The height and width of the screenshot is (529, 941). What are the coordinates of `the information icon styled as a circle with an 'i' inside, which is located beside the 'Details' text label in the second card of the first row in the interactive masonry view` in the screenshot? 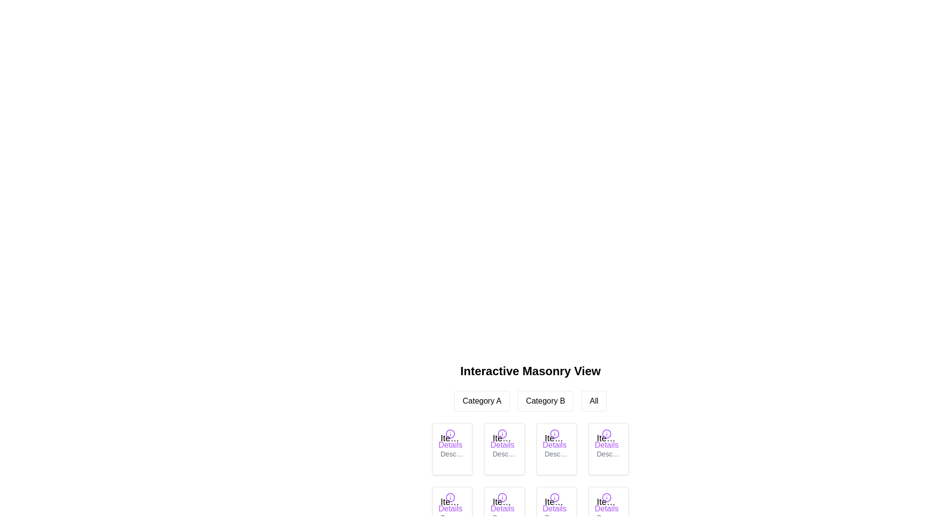 It's located at (502, 433).